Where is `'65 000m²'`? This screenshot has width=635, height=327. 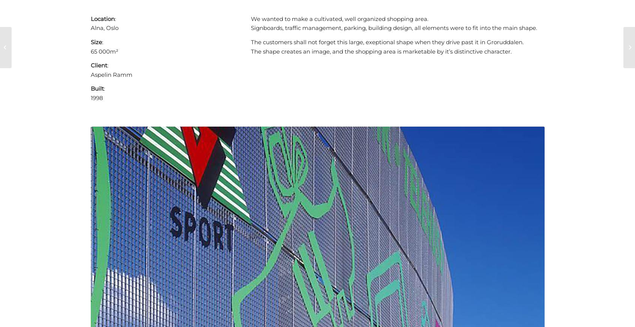 '65 000m²' is located at coordinates (104, 51).